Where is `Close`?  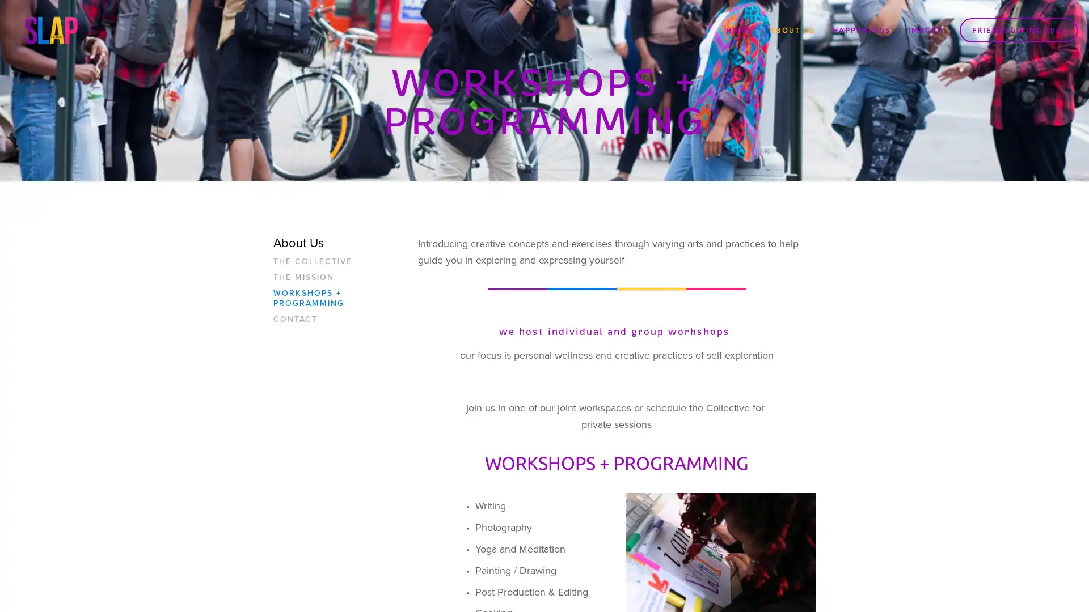
Close is located at coordinates (712, 176).